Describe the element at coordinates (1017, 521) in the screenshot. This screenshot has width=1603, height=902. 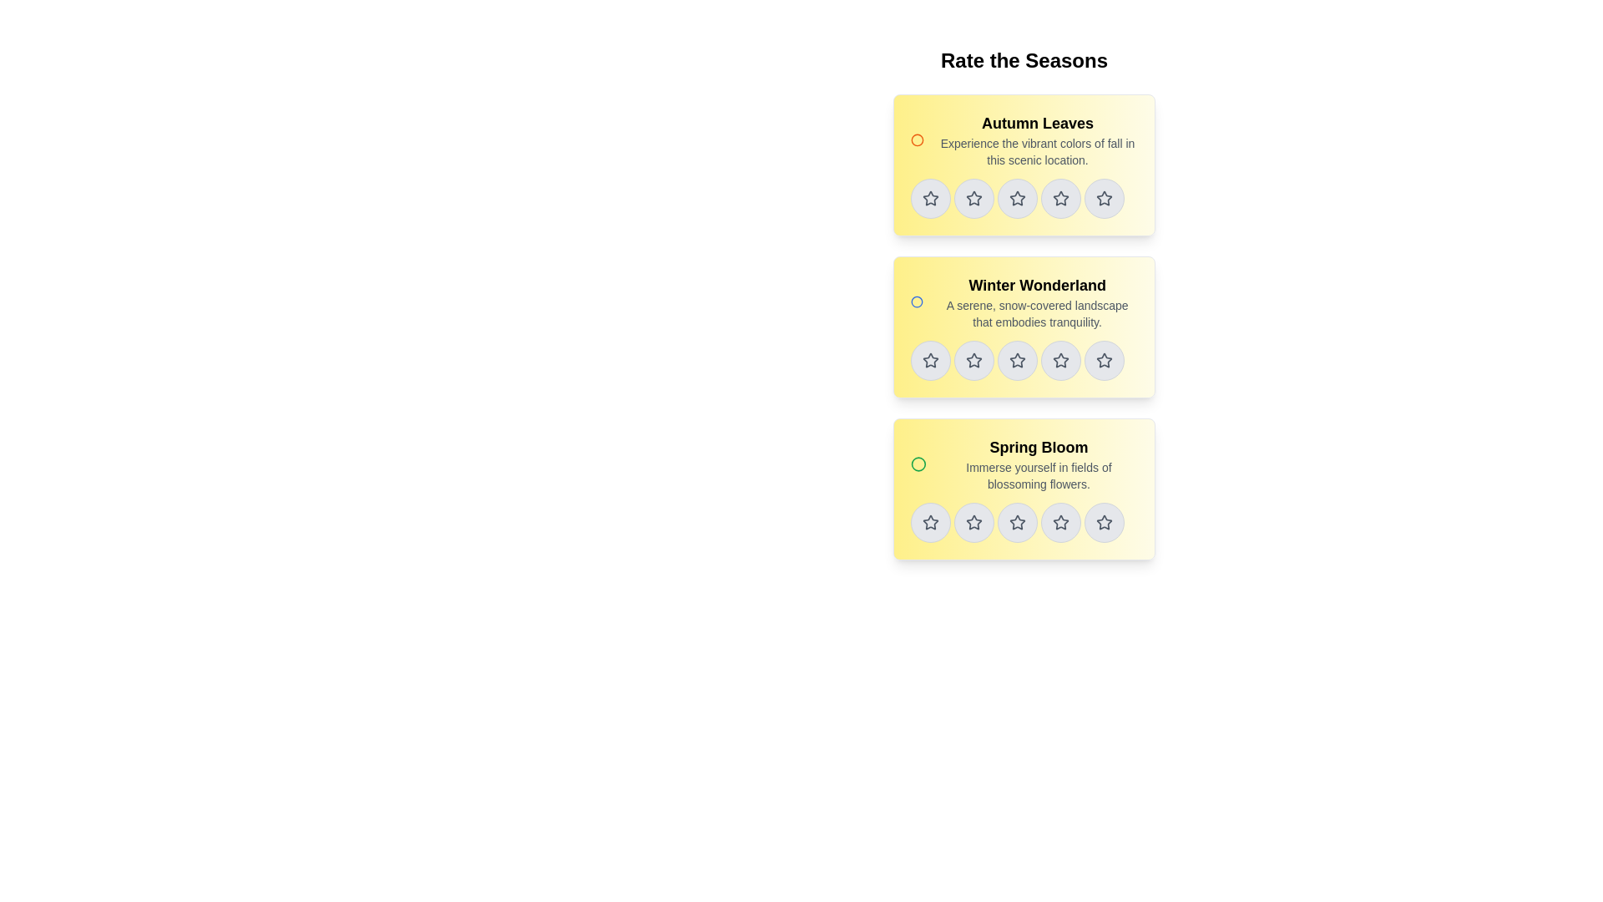
I see `the fourth star in the rating system for the 'Spring Bloom' card` at that location.